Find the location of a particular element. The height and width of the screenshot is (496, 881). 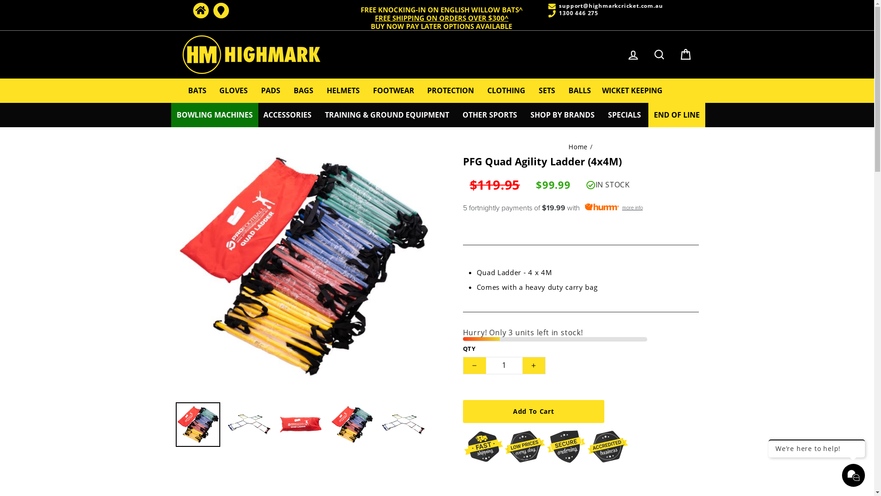

'OTHER SPORTS' is located at coordinates (489, 114).